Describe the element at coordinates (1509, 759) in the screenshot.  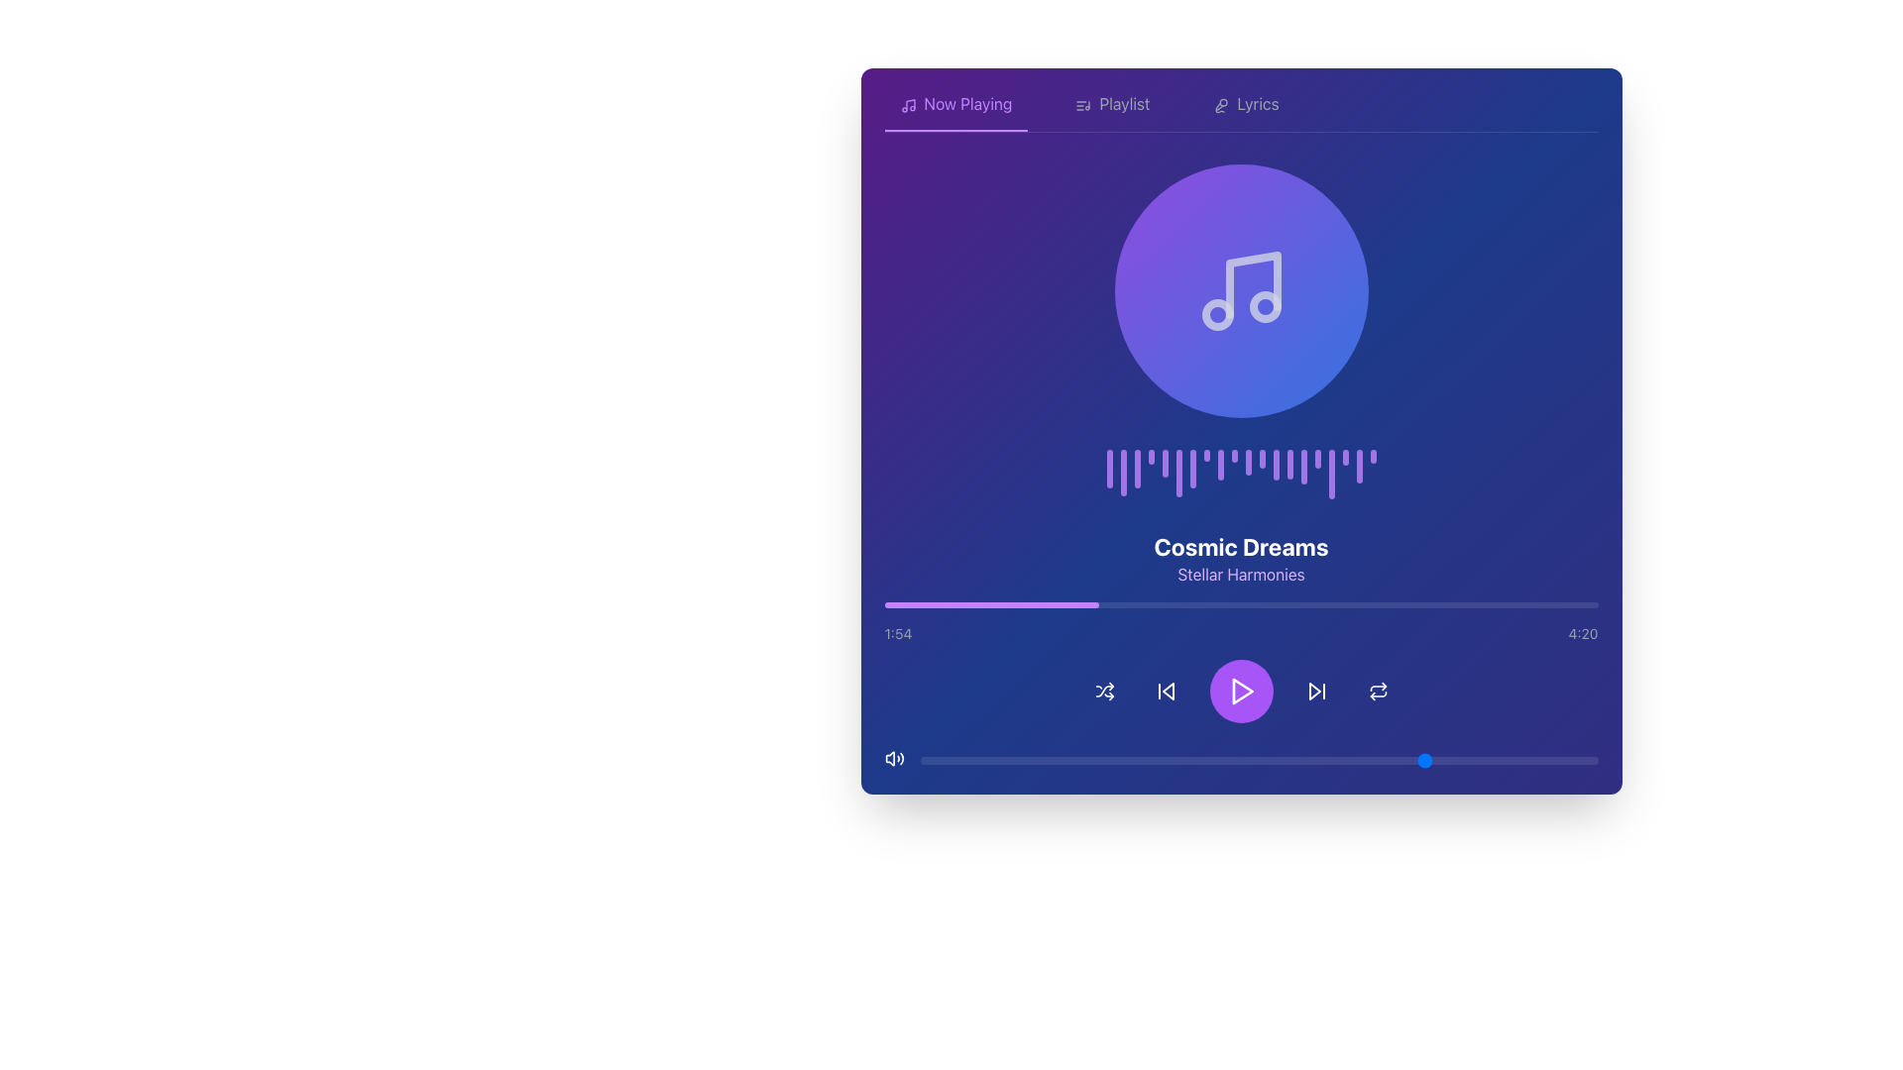
I see `the slider` at that location.